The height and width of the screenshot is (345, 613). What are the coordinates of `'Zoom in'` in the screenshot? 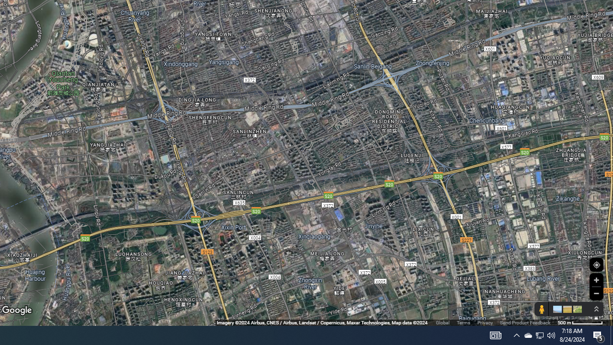 It's located at (596, 280).